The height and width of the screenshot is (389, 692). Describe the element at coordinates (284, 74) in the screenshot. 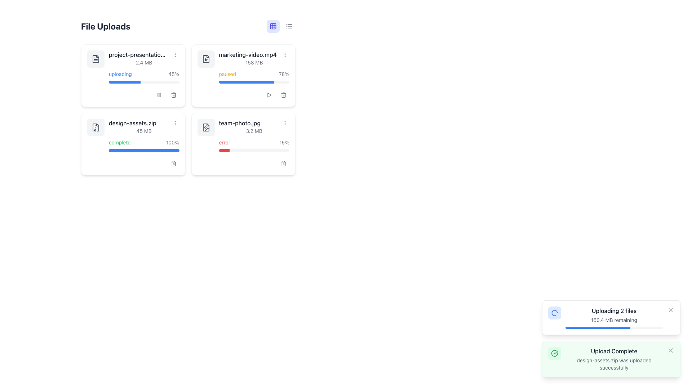

I see `the label displaying '78%' progress percentage, which is styled in gray and located to the right of the 'paused' label above the progress bar for the 'marketing-video.mp4' item` at that location.